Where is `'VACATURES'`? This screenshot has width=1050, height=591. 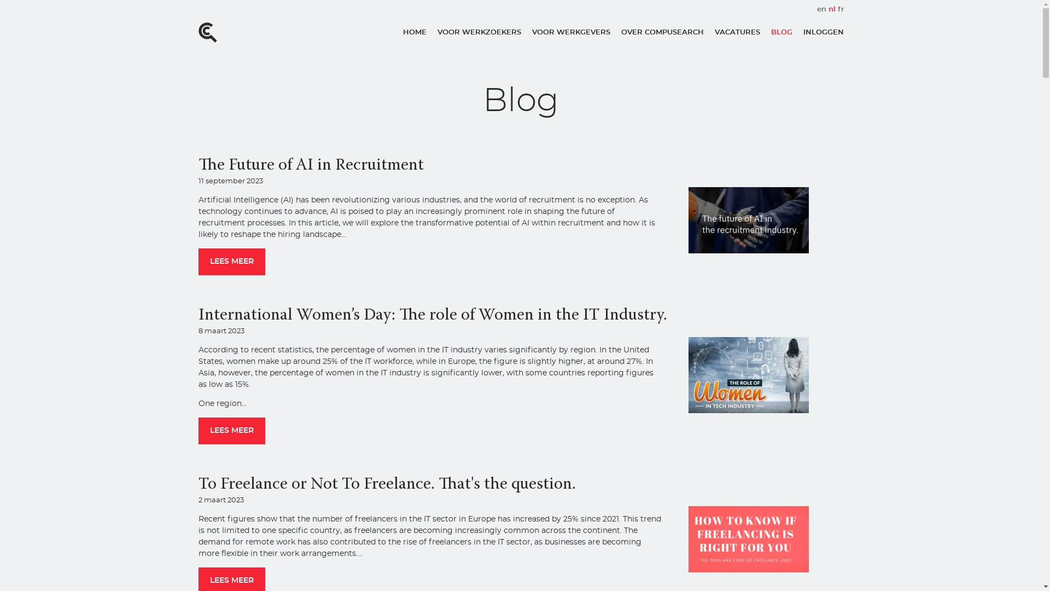 'VACATURES' is located at coordinates (737, 32).